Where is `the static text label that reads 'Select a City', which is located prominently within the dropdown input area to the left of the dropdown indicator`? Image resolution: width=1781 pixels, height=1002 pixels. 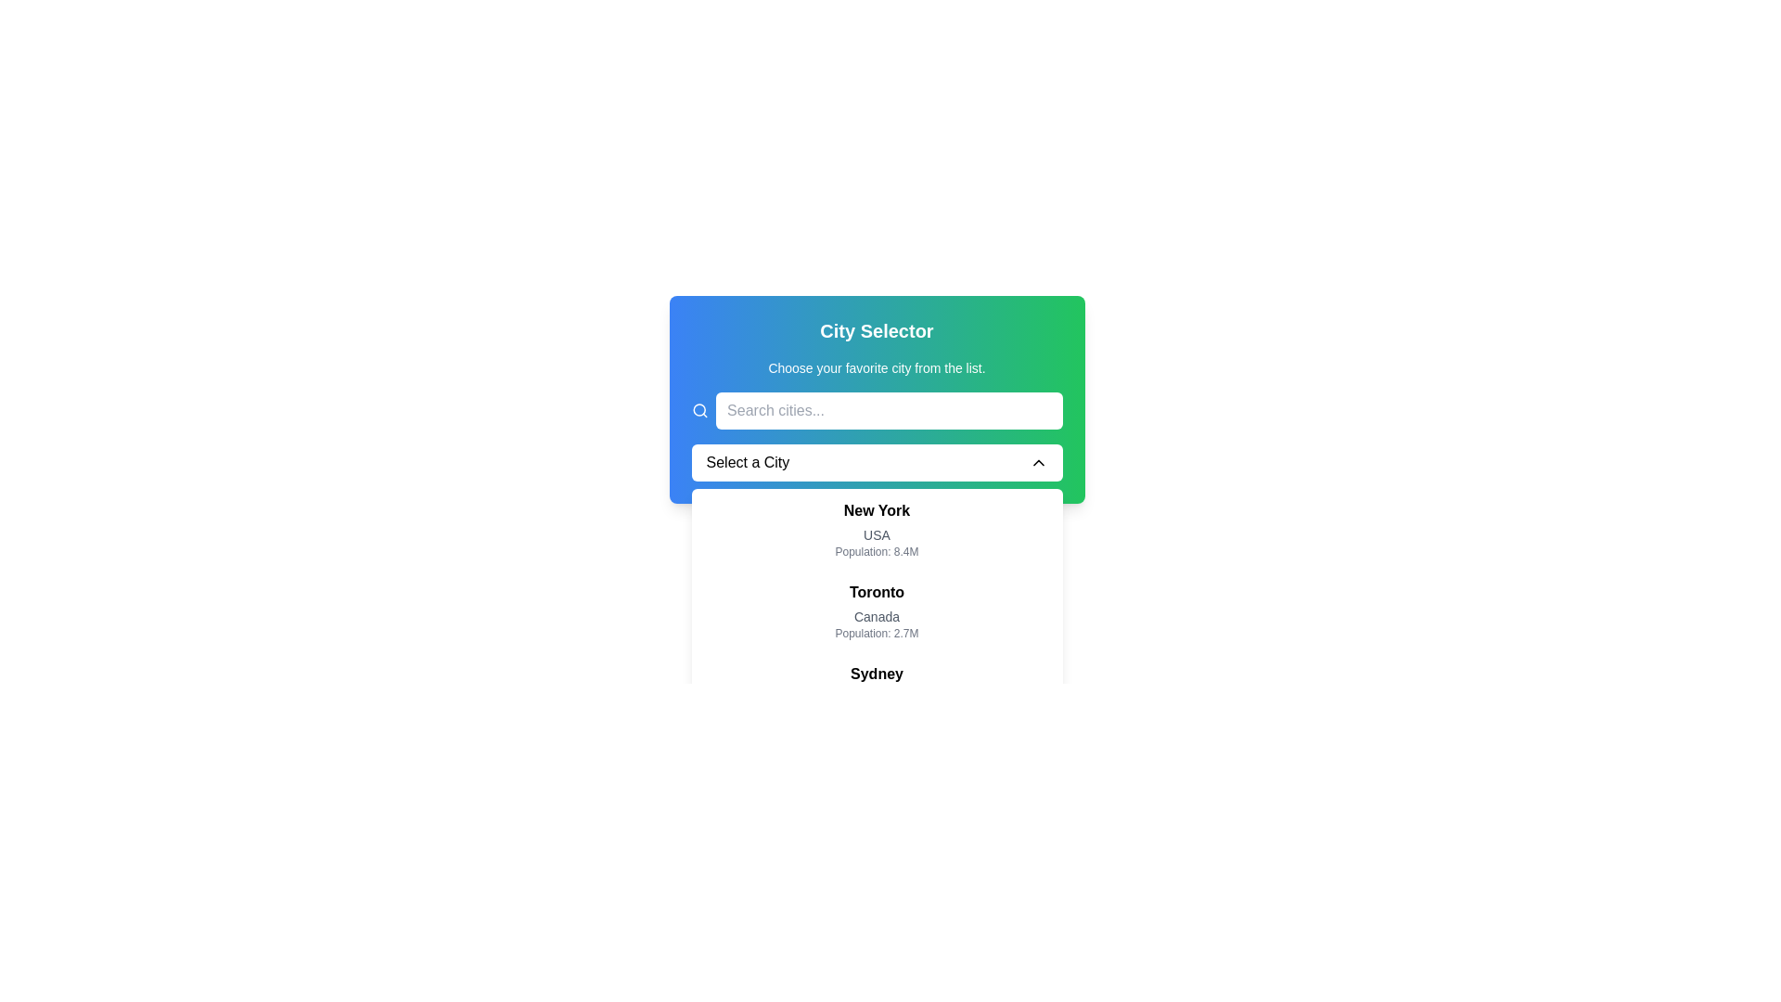
the static text label that reads 'Select a City', which is located prominently within the dropdown input area to the left of the dropdown indicator is located at coordinates (748, 461).